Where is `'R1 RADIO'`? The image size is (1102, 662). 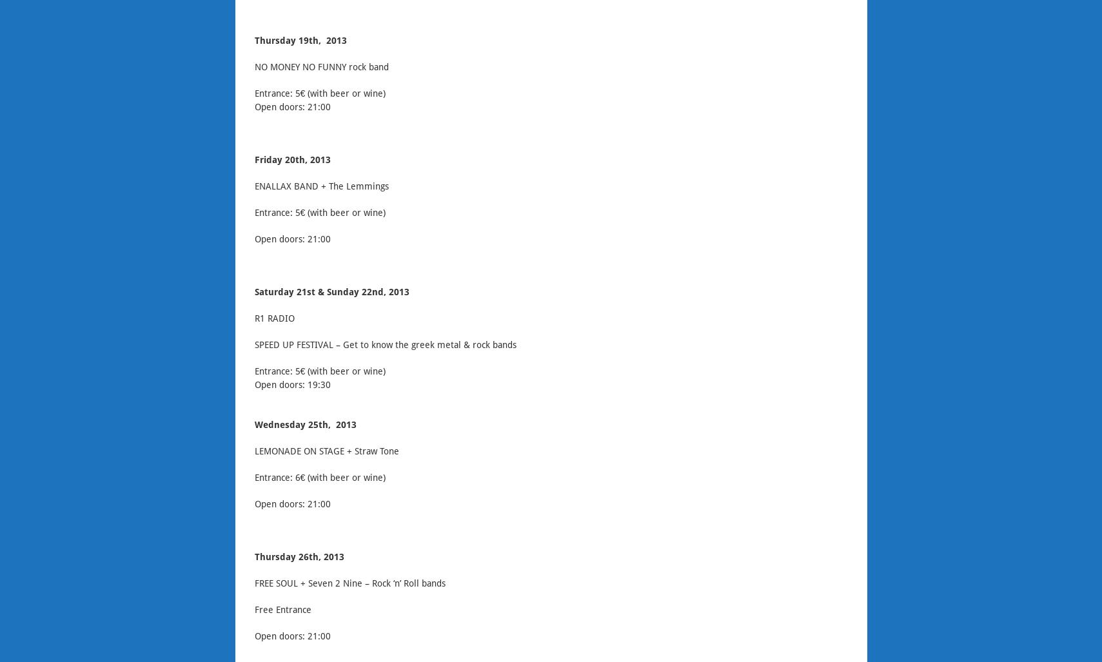
'R1 RADIO' is located at coordinates (273, 319).